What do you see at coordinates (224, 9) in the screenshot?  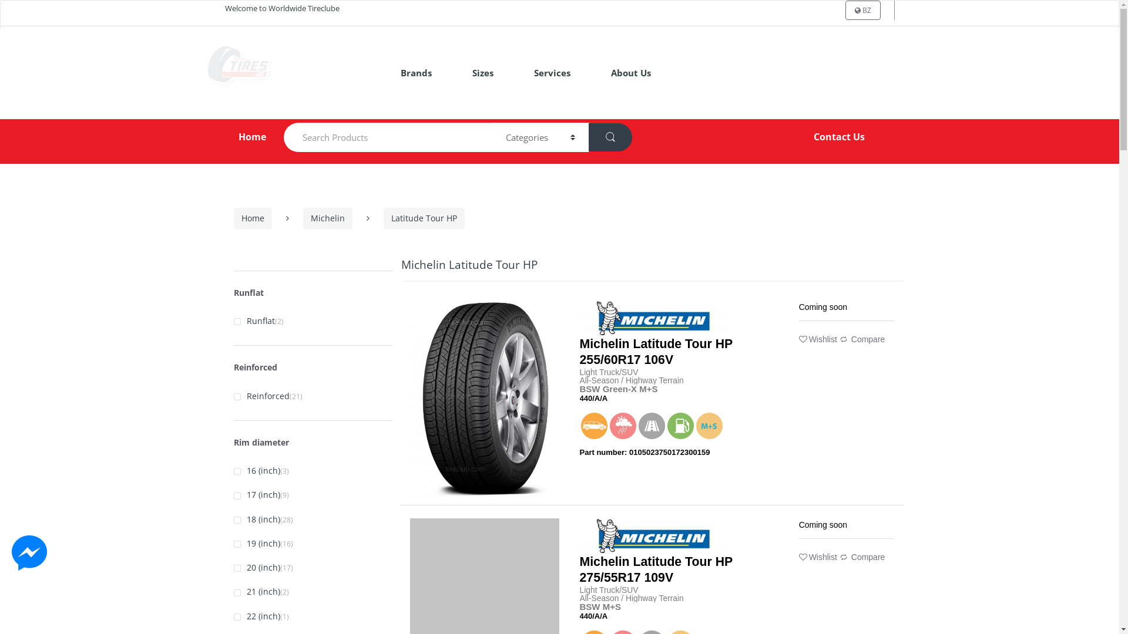 I see `'Welcome to Worldwide Tireclube'` at bounding box center [224, 9].